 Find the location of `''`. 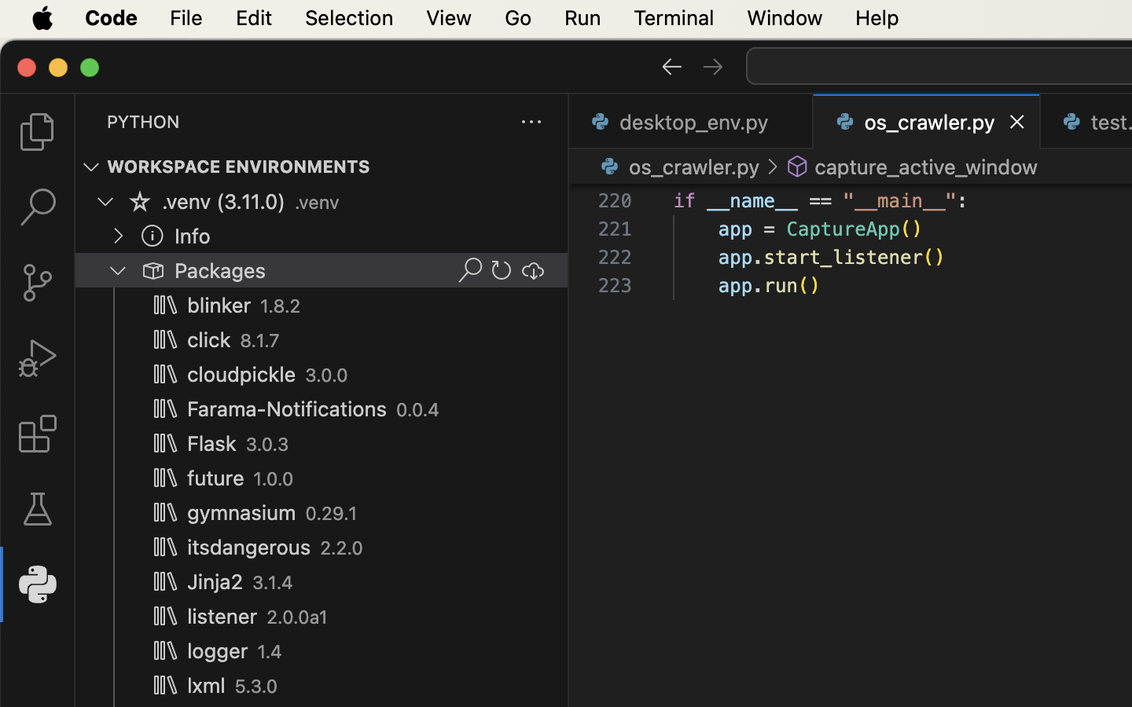

'' is located at coordinates (152, 234).